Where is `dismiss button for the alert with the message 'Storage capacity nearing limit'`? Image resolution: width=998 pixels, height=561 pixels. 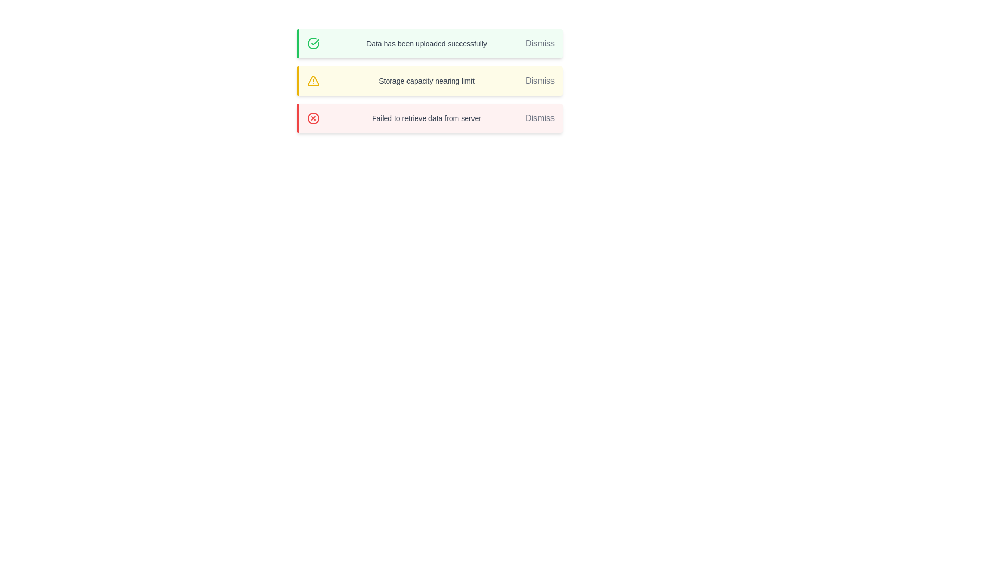
dismiss button for the alert with the message 'Storage capacity nearing limit' is located at coordinates (540, 80).